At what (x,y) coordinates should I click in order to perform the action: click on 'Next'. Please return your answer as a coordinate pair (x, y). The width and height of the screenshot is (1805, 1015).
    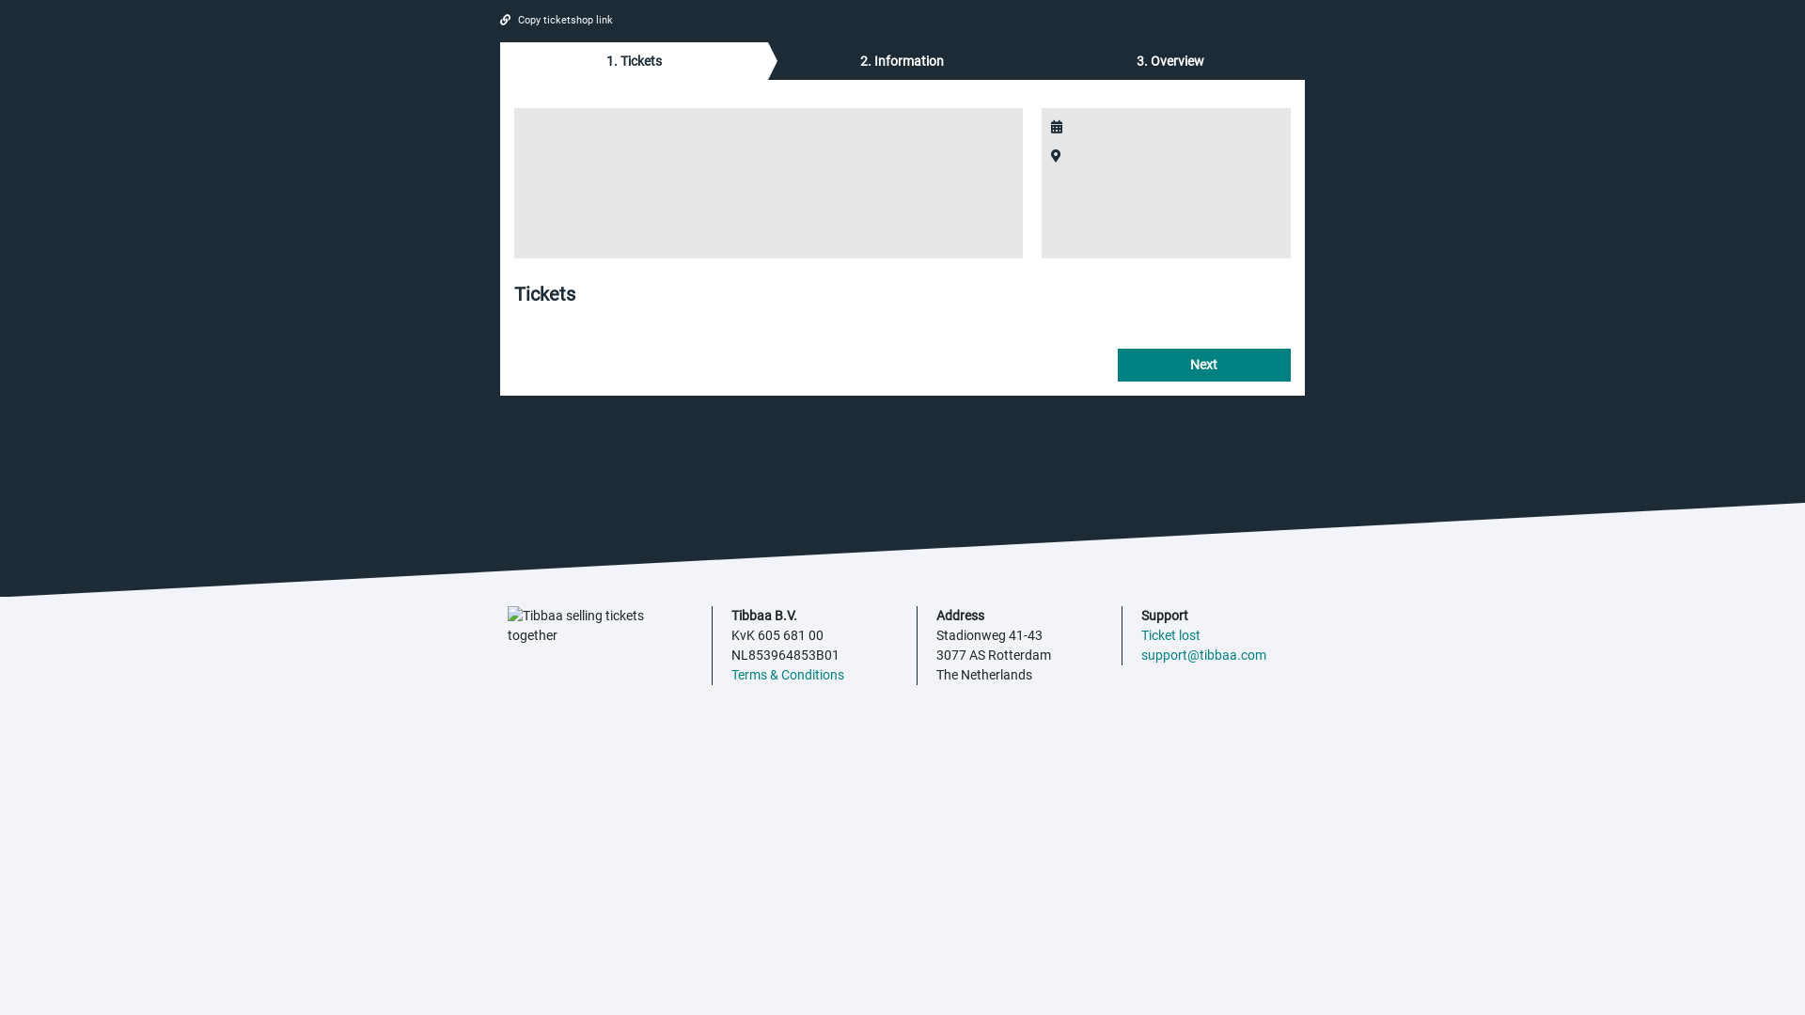
    Looking at the image, I should click on (1118, 364).